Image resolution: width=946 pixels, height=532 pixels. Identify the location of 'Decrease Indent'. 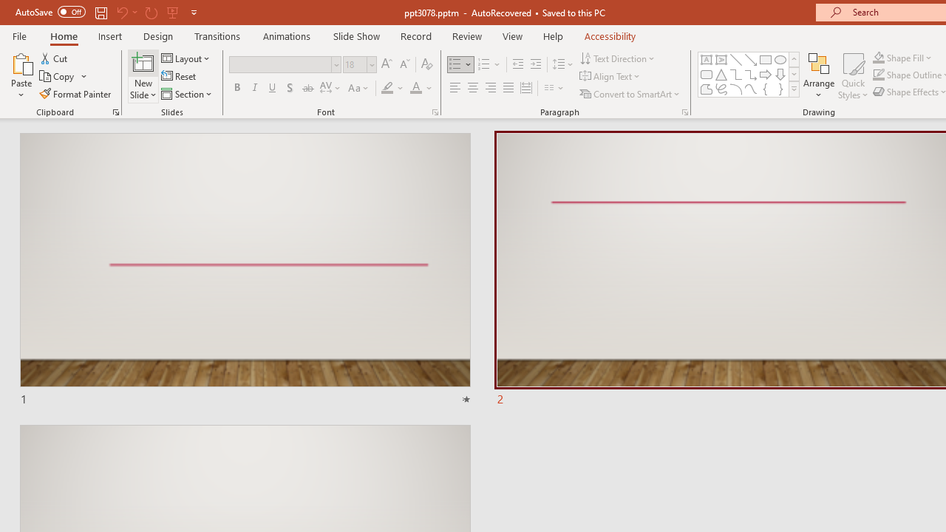
(517, 64).